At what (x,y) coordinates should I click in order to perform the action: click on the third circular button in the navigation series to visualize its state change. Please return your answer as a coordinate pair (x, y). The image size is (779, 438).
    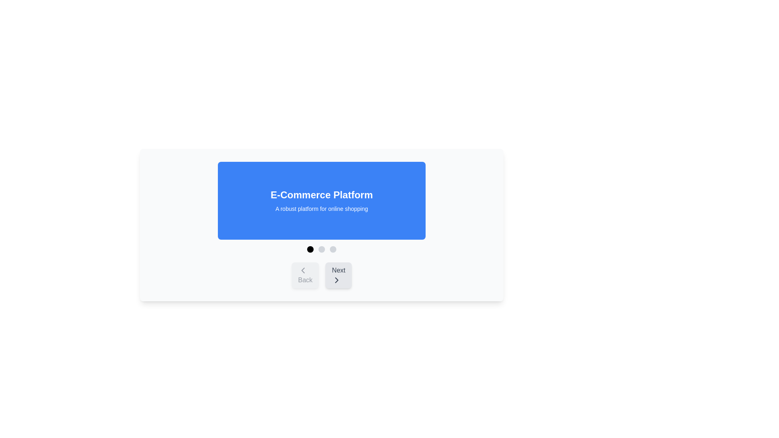
    Looking at the image, I should click on (333, 249).